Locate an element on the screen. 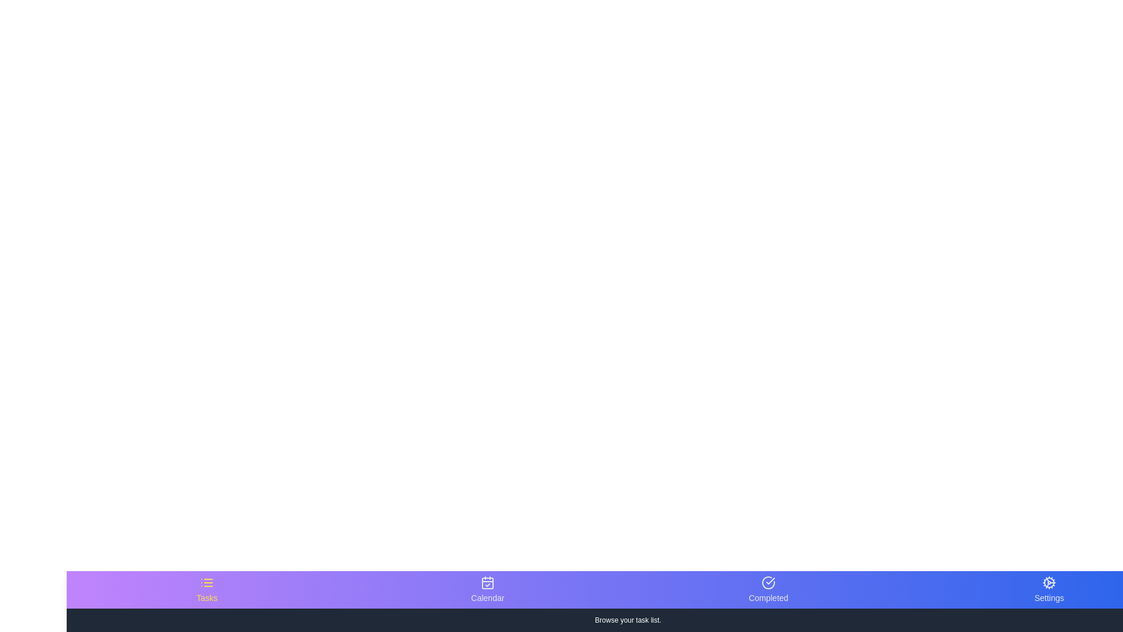 Image resolution: width=1123 pixels, height=632 pixels. the Tasks tab is located at coordinates (207, 589).